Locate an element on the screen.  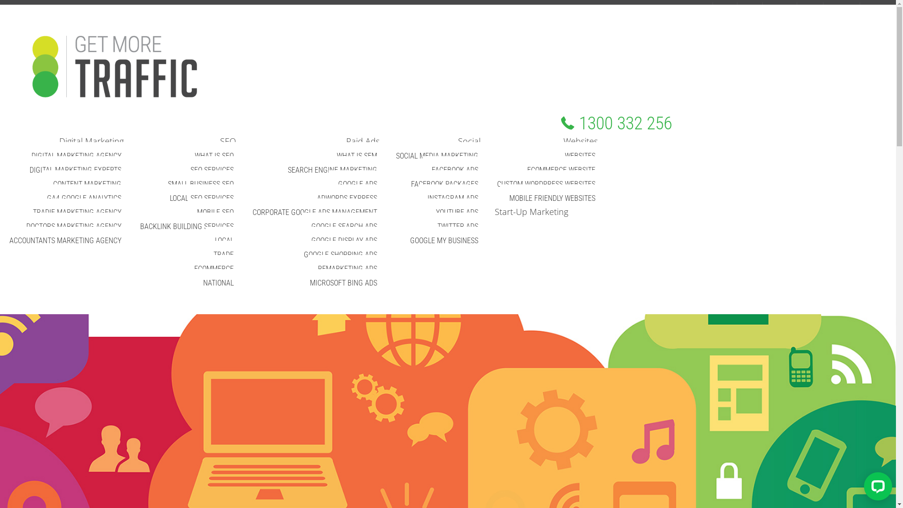
'CORPORATE GOOGLE ADS MANAGEMENT' is located at coordinates (315, 212).